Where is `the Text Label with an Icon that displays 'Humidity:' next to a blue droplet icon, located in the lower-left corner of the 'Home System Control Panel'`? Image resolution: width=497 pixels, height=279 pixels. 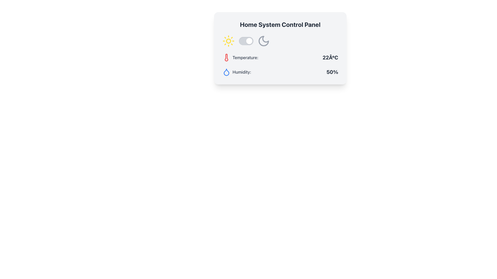
the Text Label with an Icon that displays 'Humidity:' next to a blue droplet icon, located in the lower-left corner of the 'Home System Control Panel' is located at coordinates (236, 72).